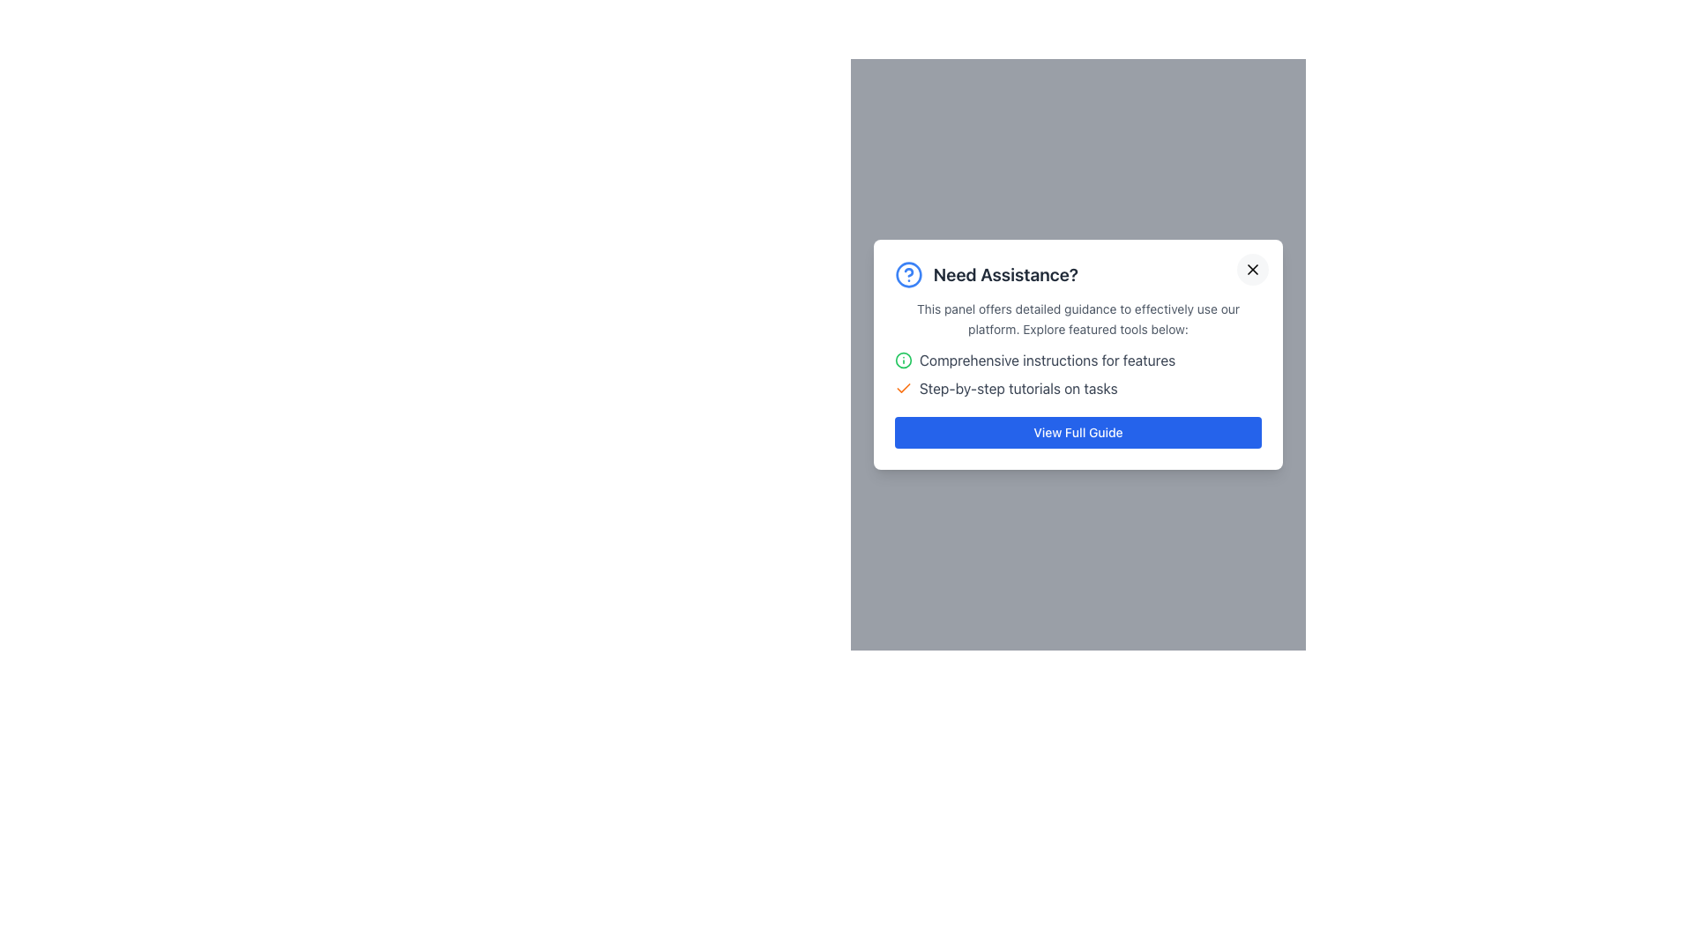  Describe the element at coordinates (1078, 374) in the screenshot. I see `the text items in the informational list, specifically on the lines that read 'Comprehensive instructions for features' and 'Step-by-step tutorials on tasks'` at that location.